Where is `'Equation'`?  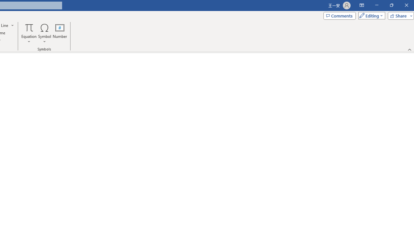 'Equation' is located at coordinates (29, 33).